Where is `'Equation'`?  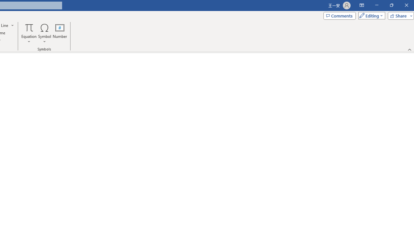 'Equation' is located at coordinates (29, 33).